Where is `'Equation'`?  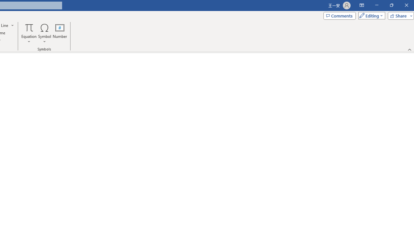 'Equation' is located at coordinates (29, 33).